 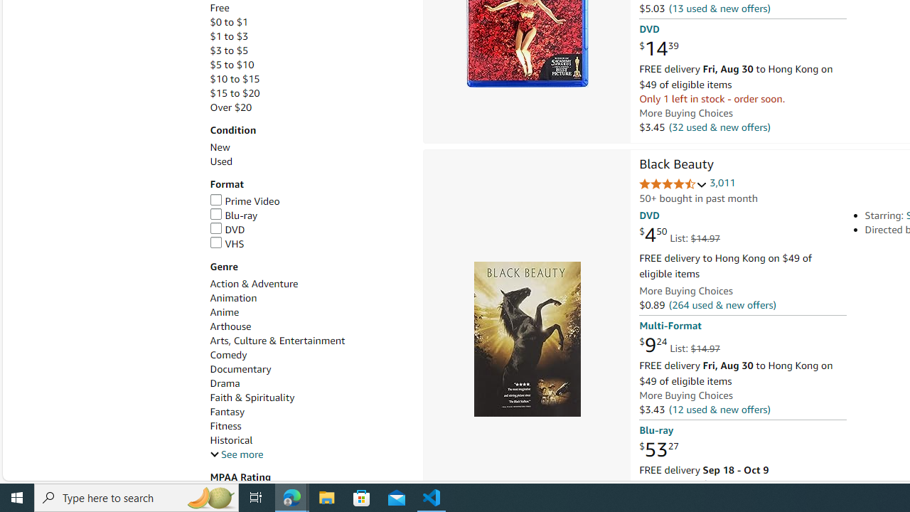 What do you see at coordinates (308, 412) in the screenshot?
I see `'Fantasy'` at bounding box center [308, 412].